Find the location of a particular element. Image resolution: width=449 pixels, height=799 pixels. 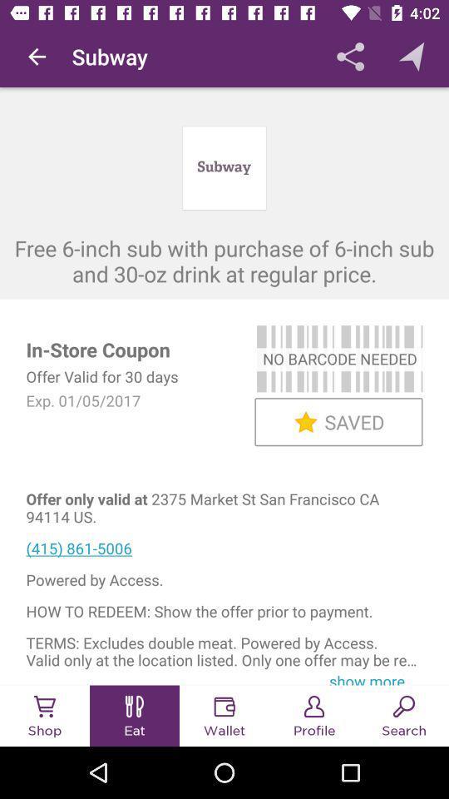

show more... item is located at coordinates (373, 677).